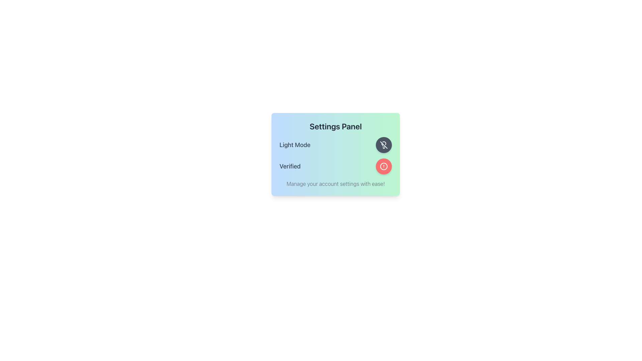 The image size is (642, 361). Describe the element at coordinates (384, 145) in the screenshot. I see `the icon in the top-right corner of the 'Settings Panel' which indicates the deactivation of the light mode feature` at that location.